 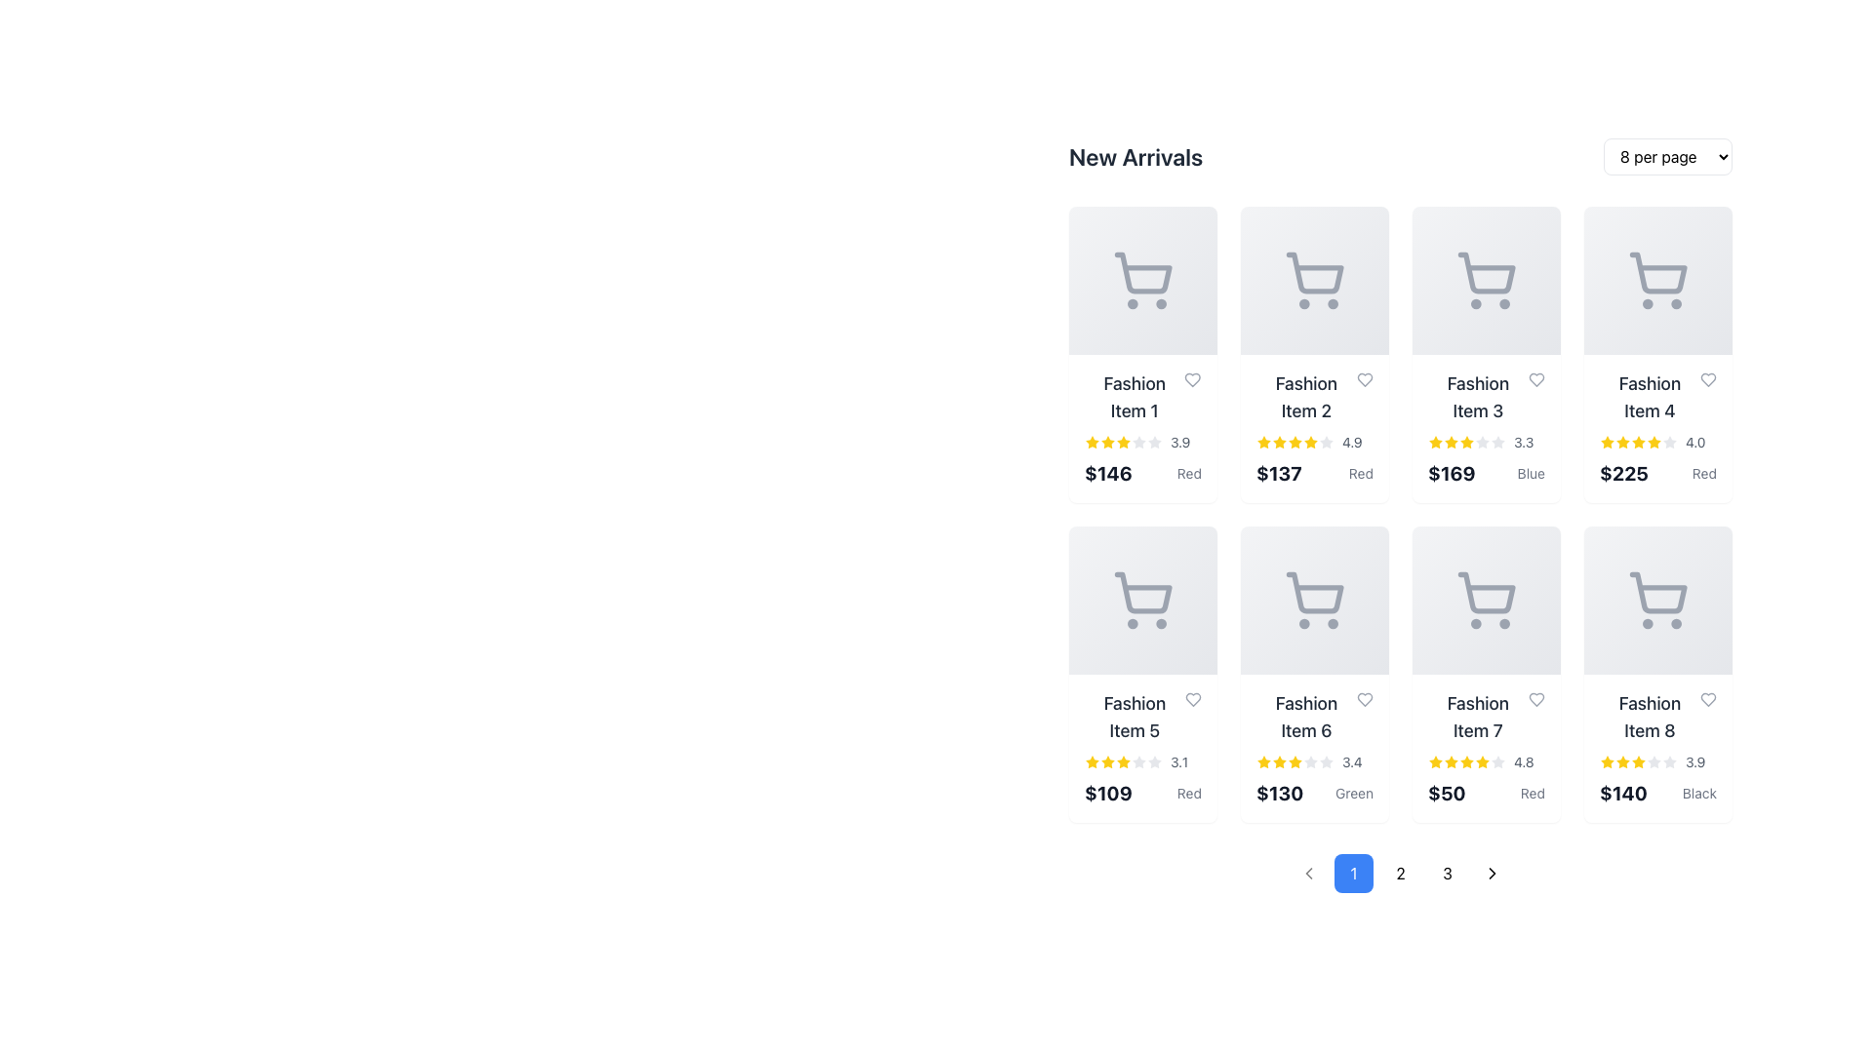 I want to click on price and color information from the Text label displaying '$109 Red' positioned below the rating stars for 'Fashion Item 5', so click(x=1142, y=793).